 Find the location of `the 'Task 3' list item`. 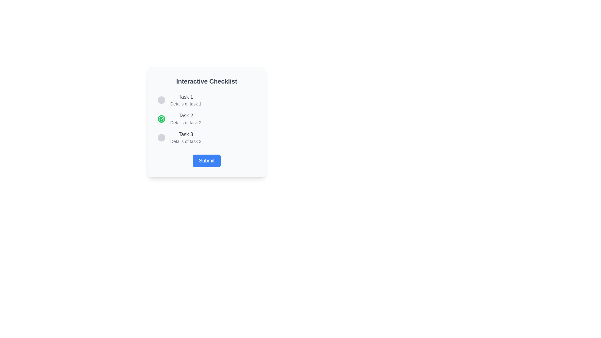

the 'Task 3' list item is located at coordinates (207, 137).